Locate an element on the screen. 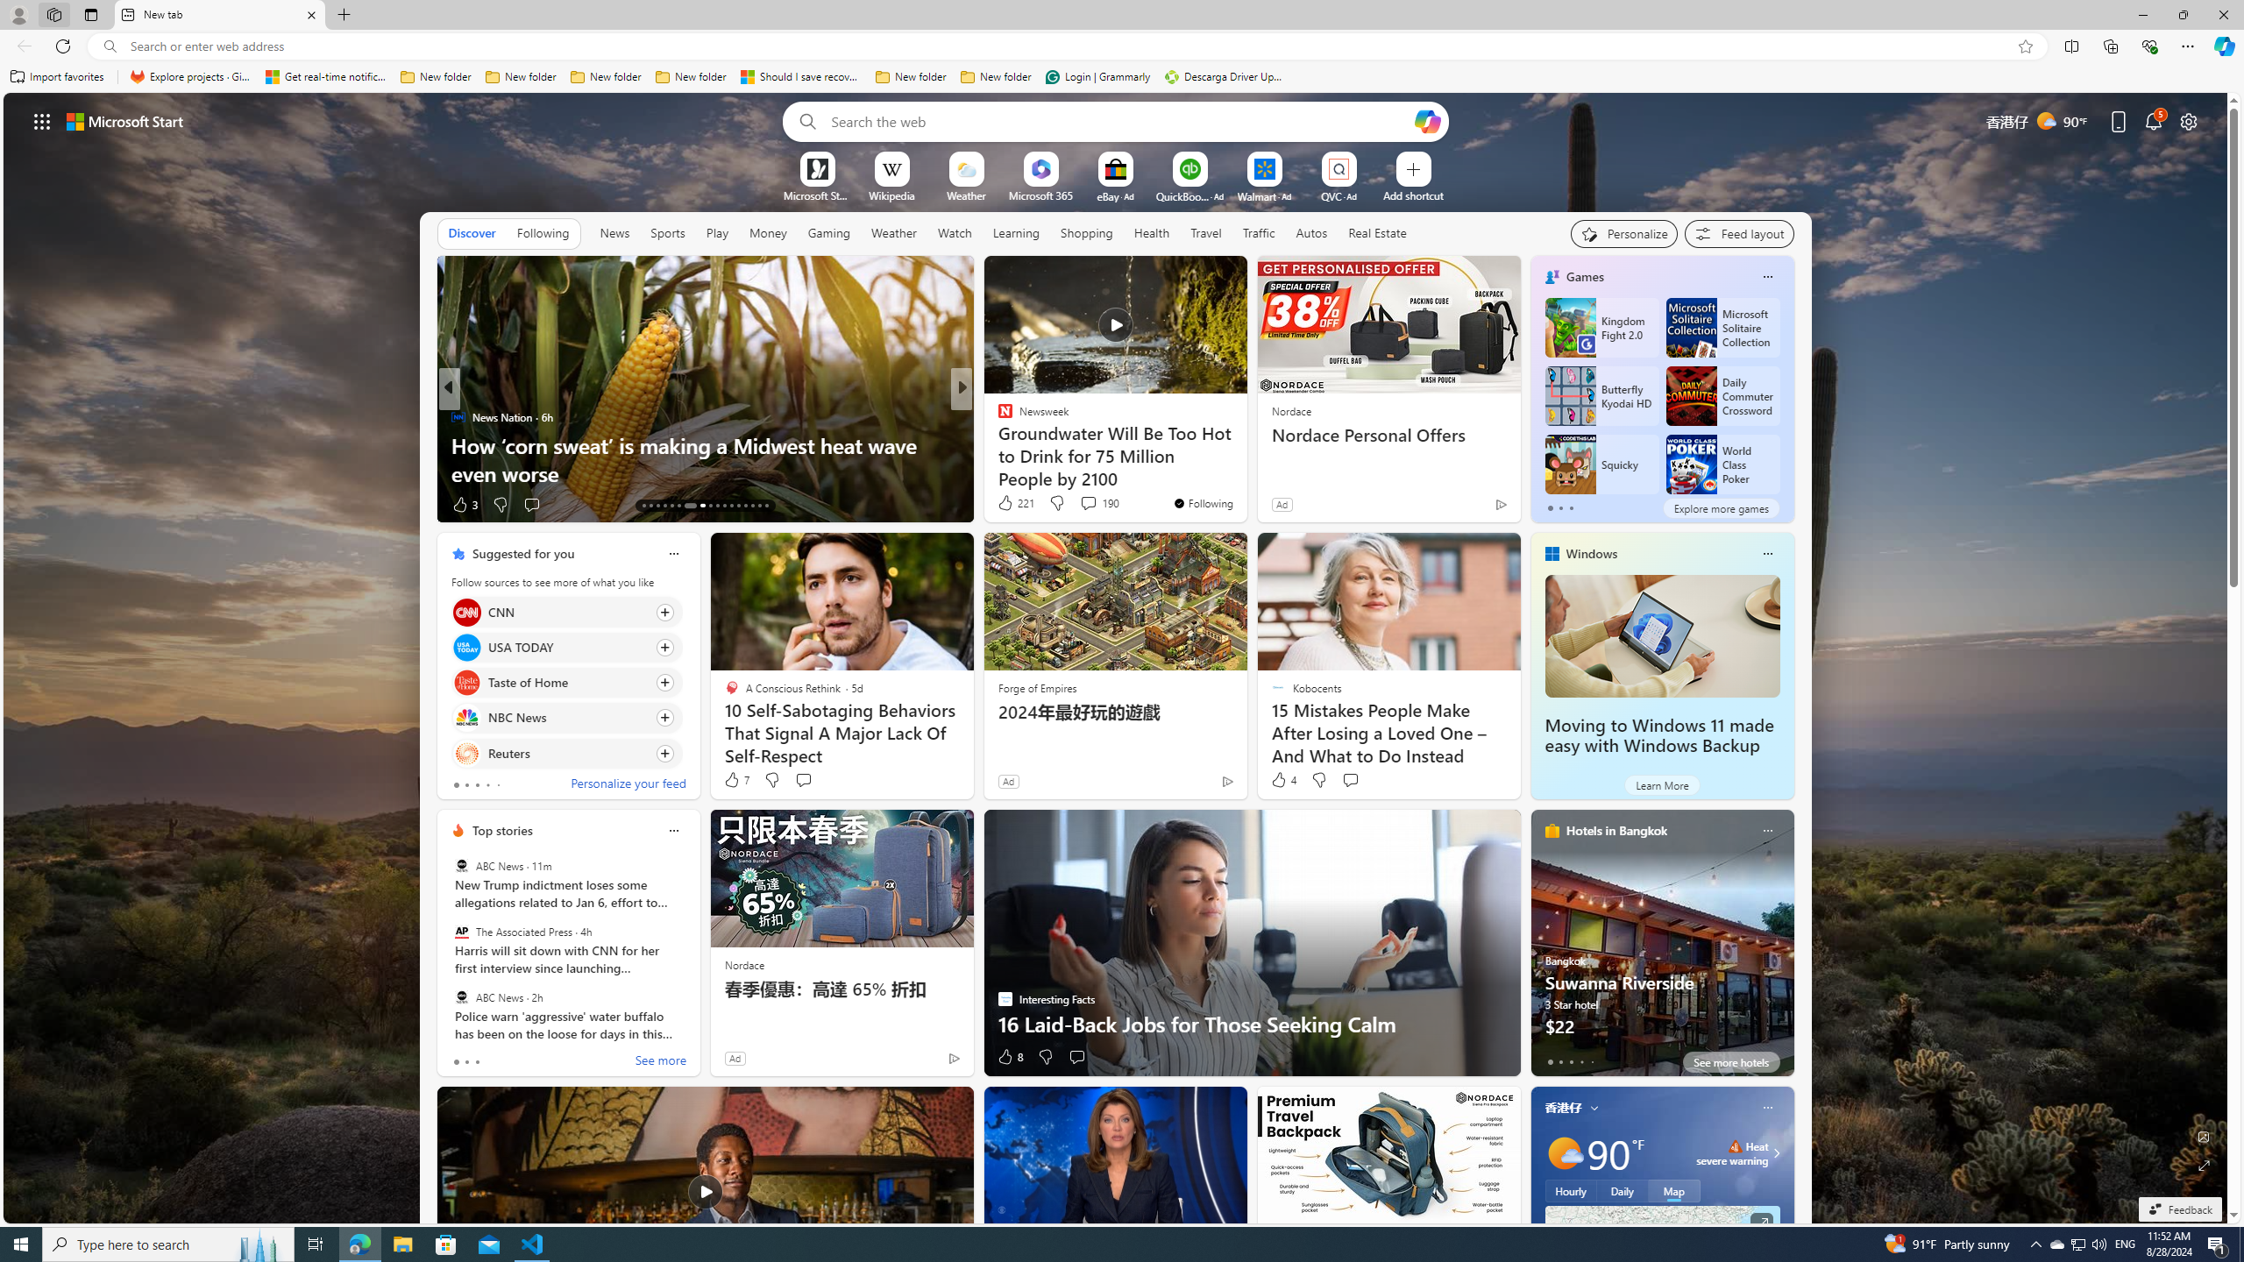  '218 Like' is located at coordinates (1009, 504).